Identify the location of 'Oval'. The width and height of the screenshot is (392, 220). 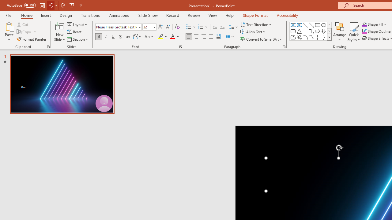
(323, 25).